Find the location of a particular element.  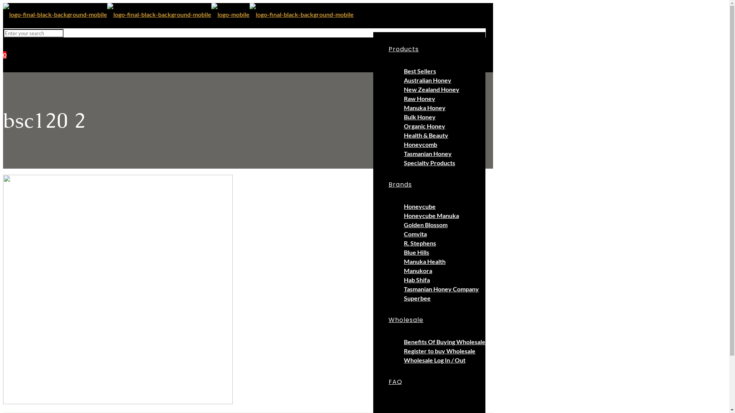

'Register to buy Wholesale' is located at coordinates (439, 351).